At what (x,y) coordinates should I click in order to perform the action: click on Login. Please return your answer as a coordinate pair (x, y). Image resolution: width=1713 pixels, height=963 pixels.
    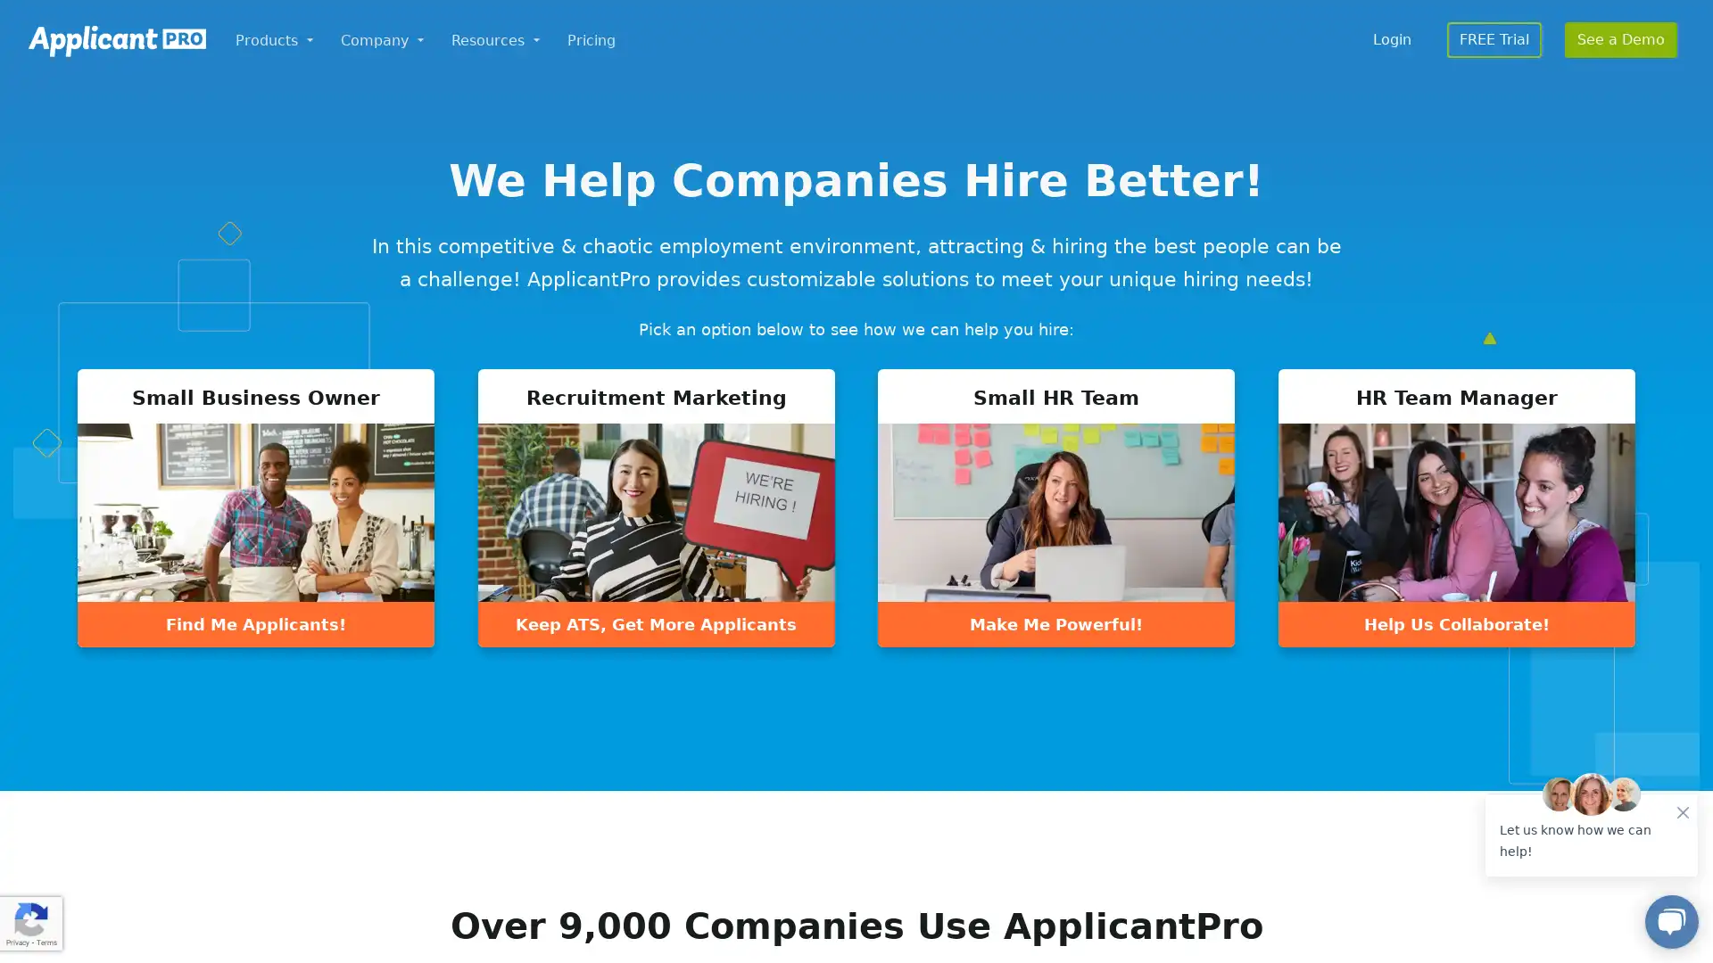
    Looking at the image, I should click on (1391, 40).